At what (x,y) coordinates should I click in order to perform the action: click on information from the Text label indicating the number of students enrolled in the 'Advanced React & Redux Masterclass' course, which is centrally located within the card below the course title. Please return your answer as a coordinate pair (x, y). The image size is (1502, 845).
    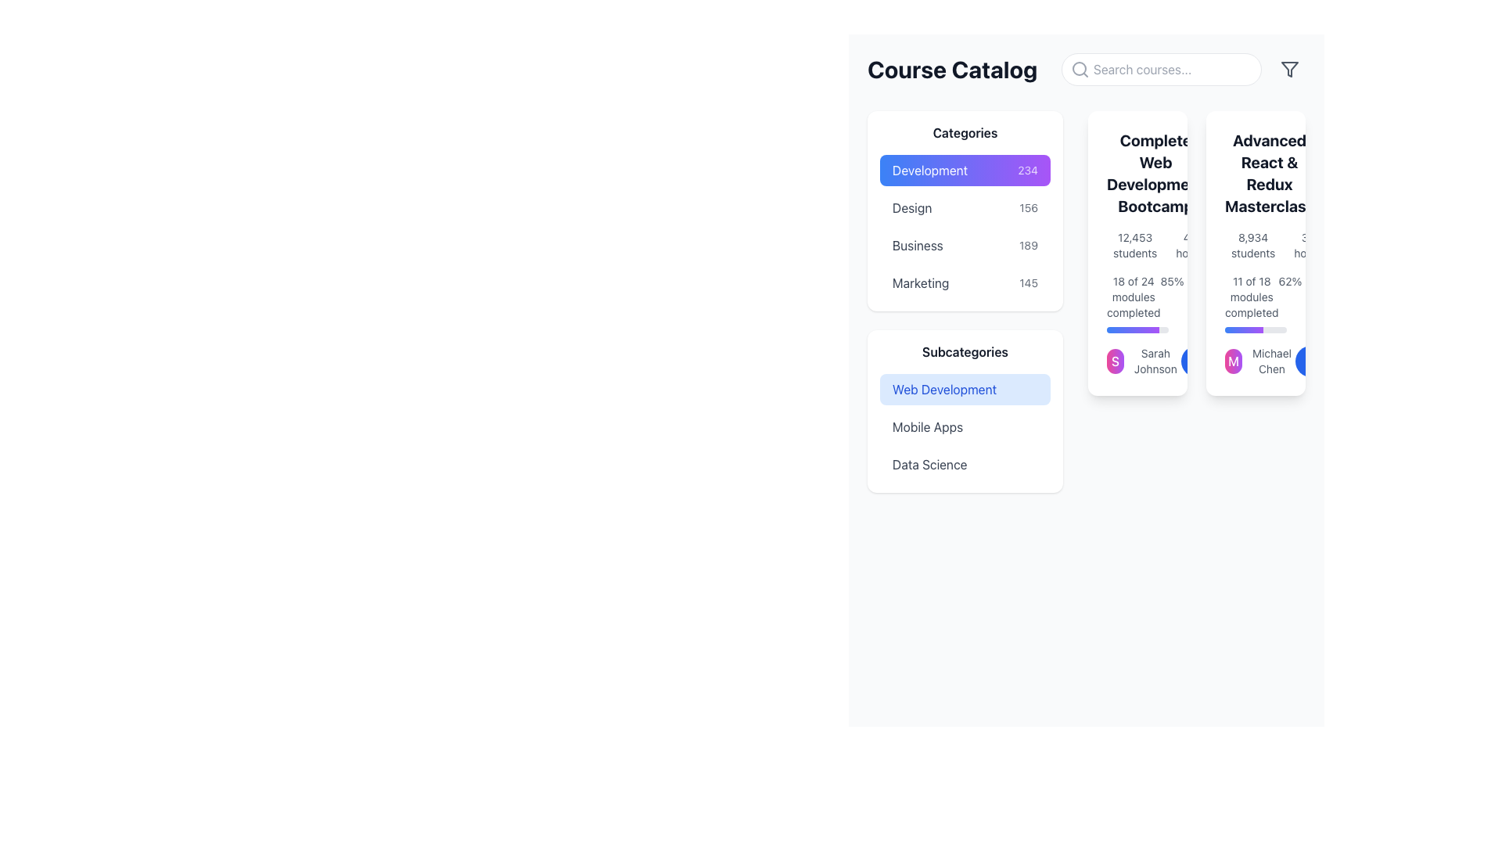
    Looking at the image, I should click on (1256, 245).